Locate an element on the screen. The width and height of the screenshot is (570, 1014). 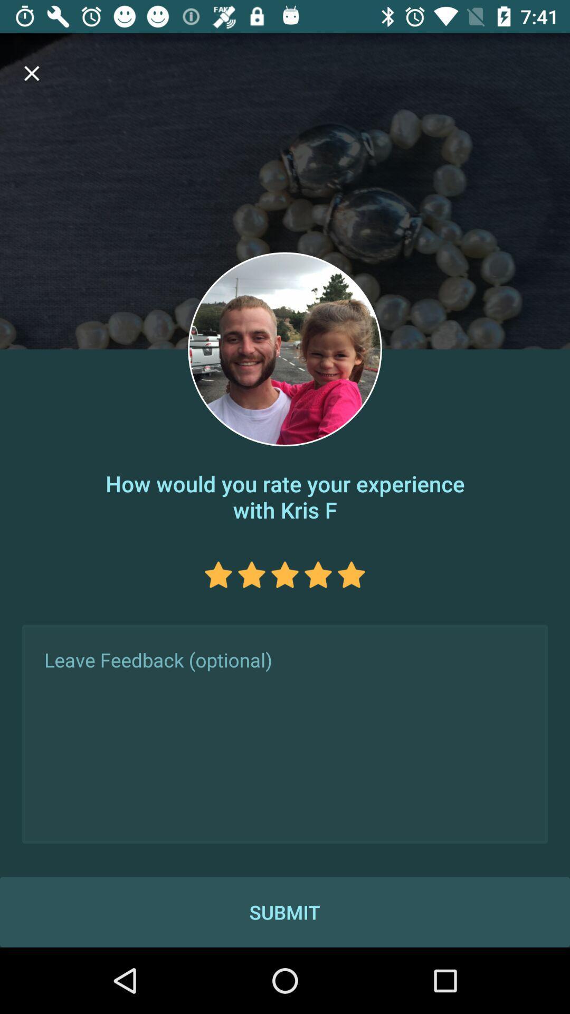
star rating is located at coordinates (285, 574).